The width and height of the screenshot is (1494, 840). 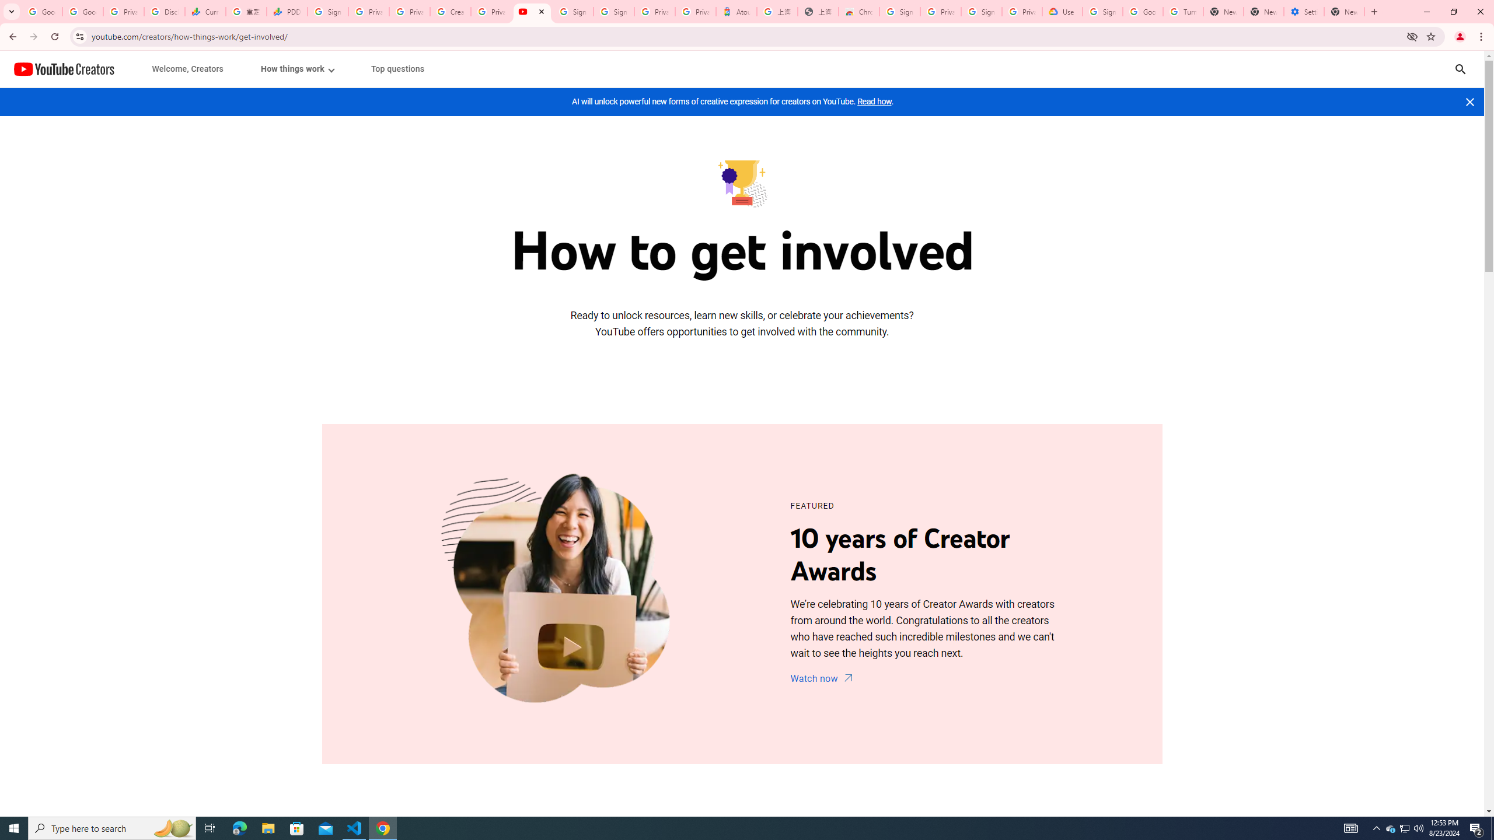 I want to click on 'Google Account Help', so click(x=1142, y=11).